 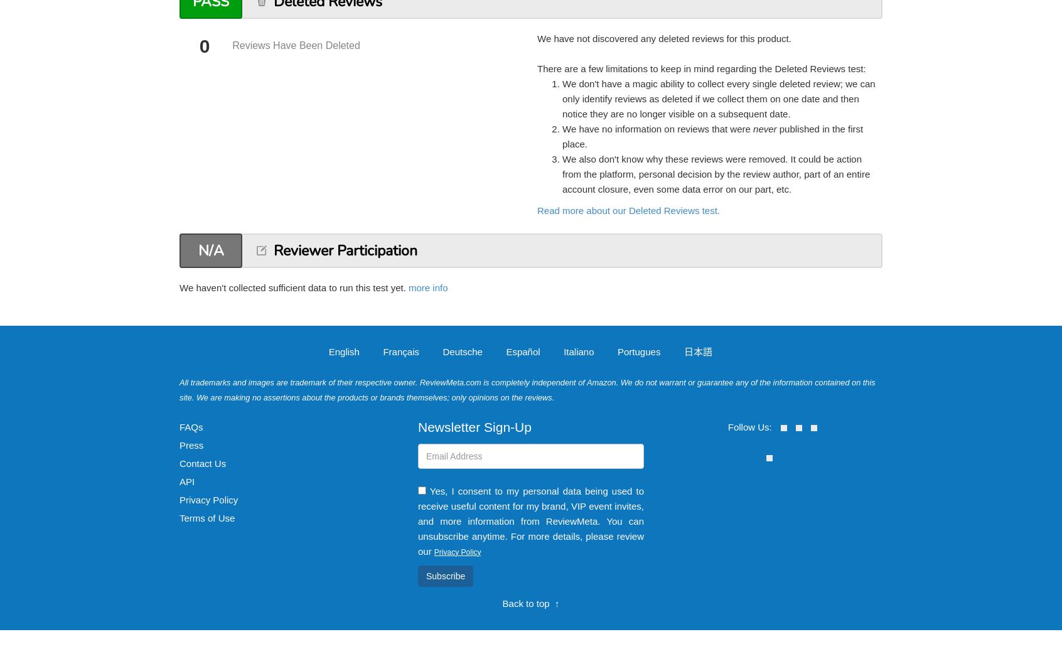 What do you see at coordinates (203, 45) in the screenshot?
I see `'0'` at bounding box center [203, 45].